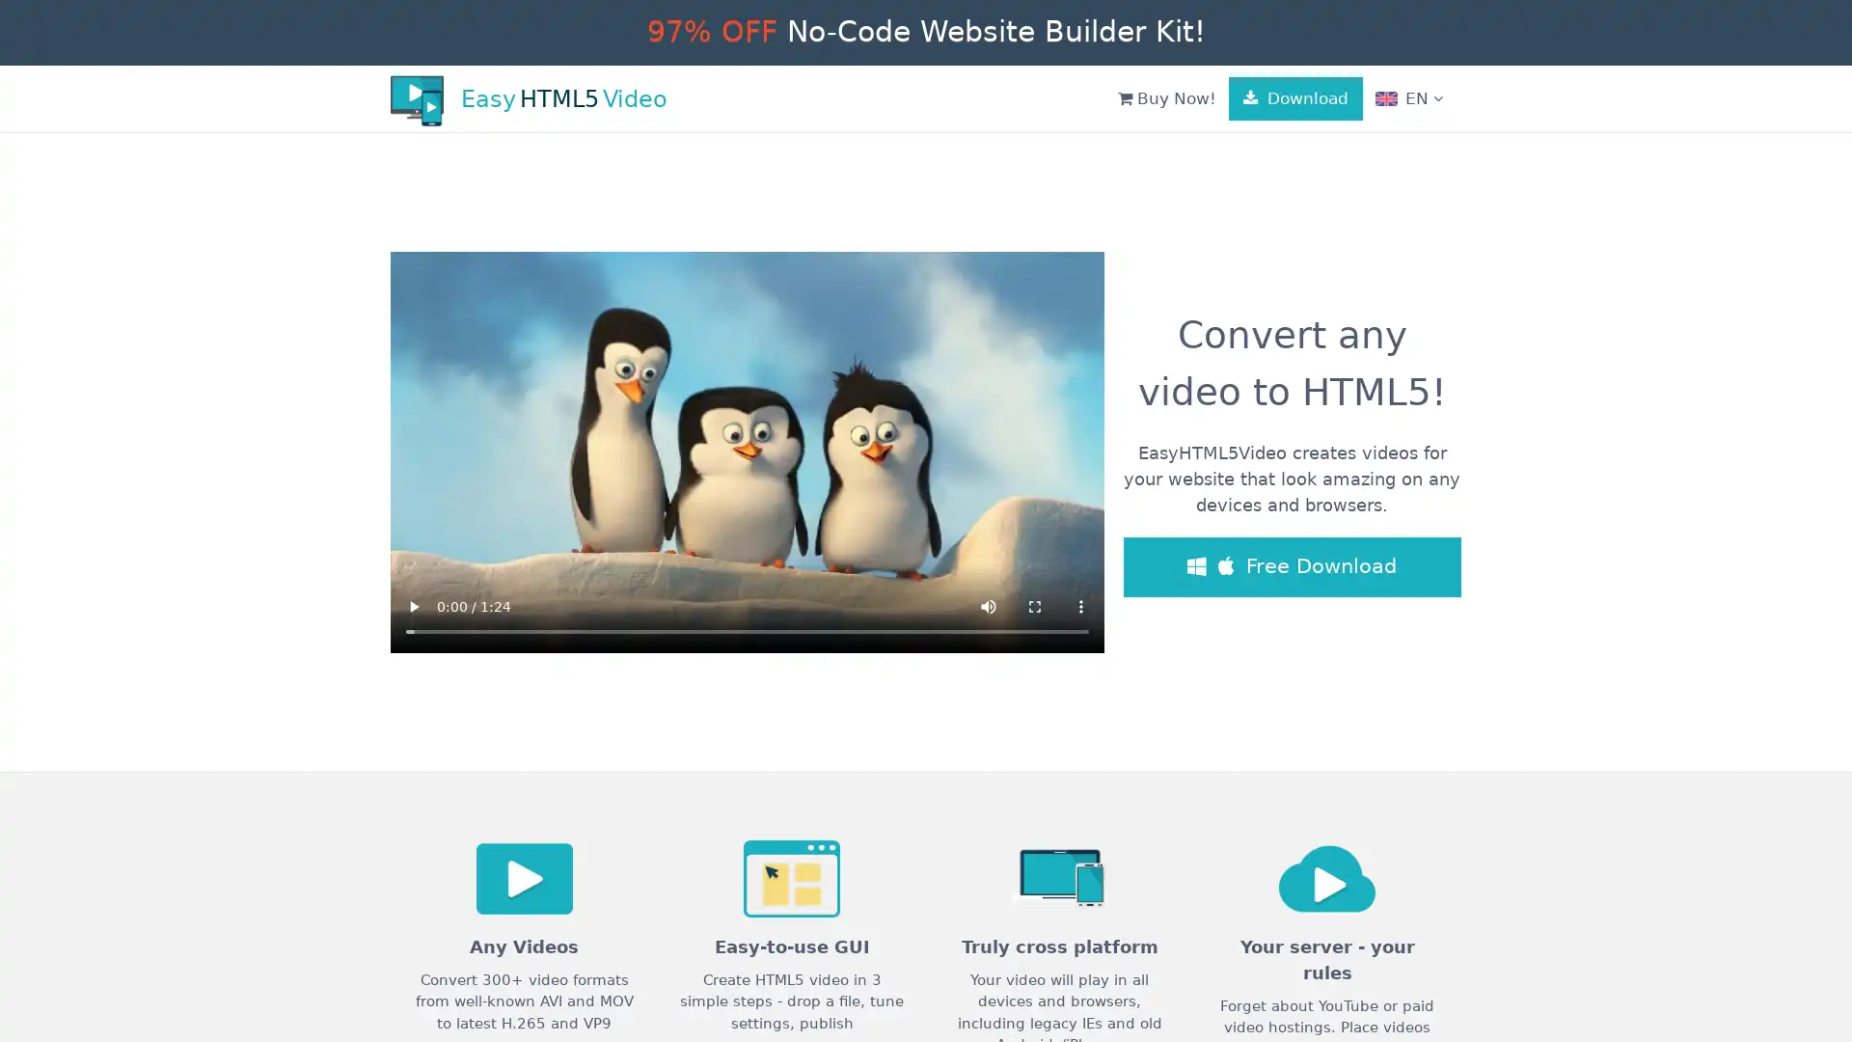 Image resolution: width=1852 pixels, height=1042 pixels. Describe the element at coordinates (989, 605) in the screenshot. I see `mute` at that location.